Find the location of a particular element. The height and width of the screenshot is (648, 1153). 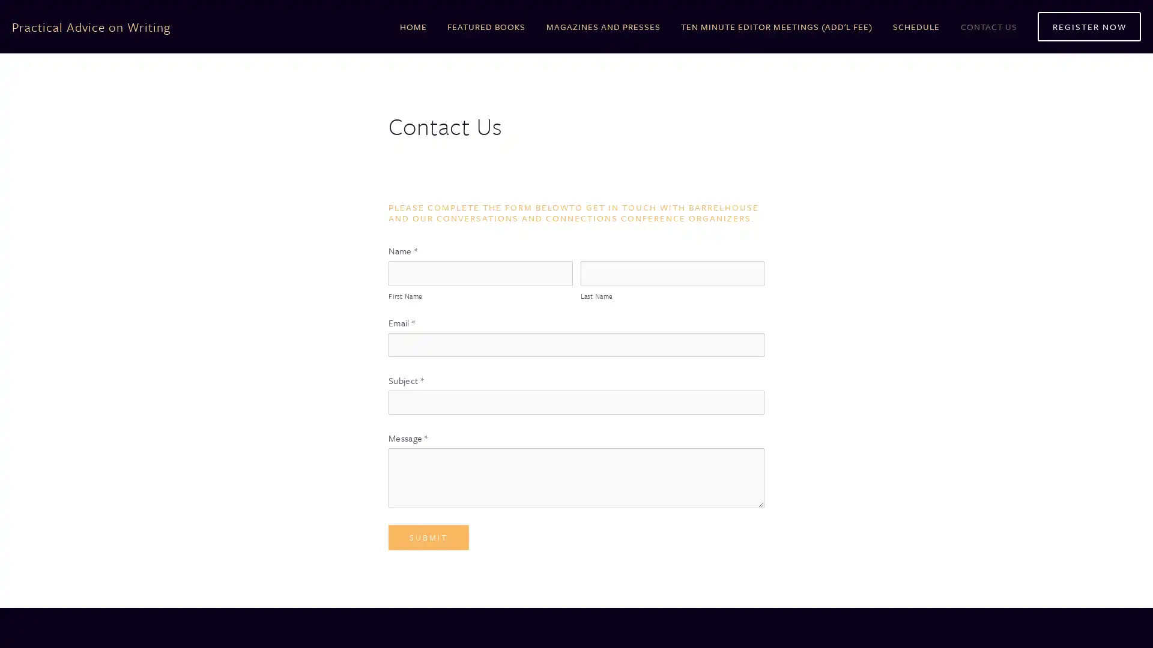

Submit is located at coordinates (429, 536).